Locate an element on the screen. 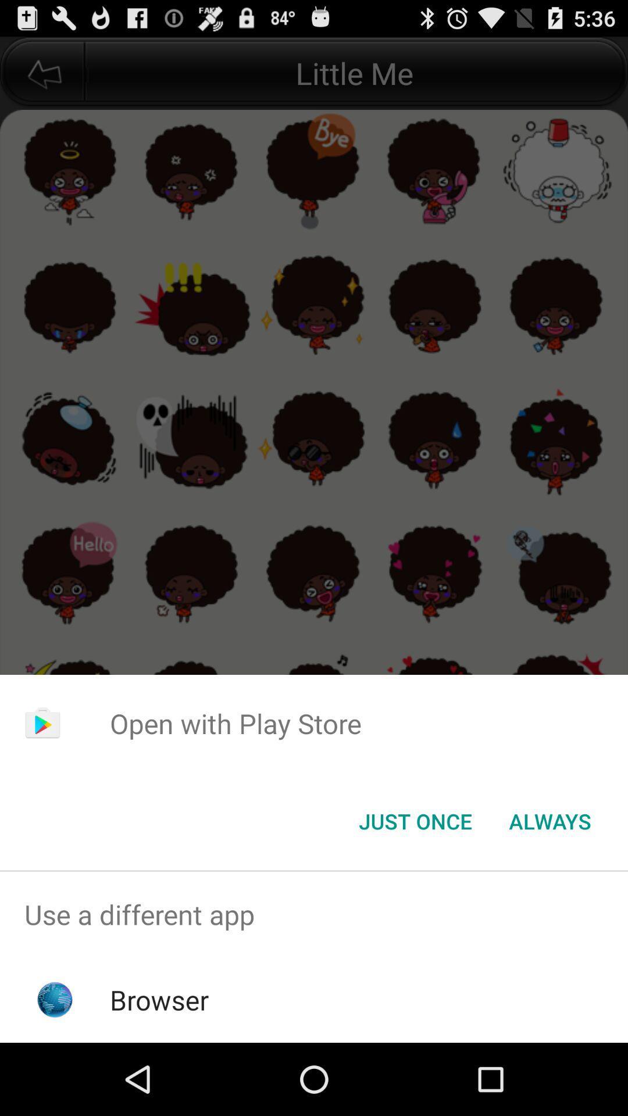  the app below open with play is located at coordinates (415, 820).